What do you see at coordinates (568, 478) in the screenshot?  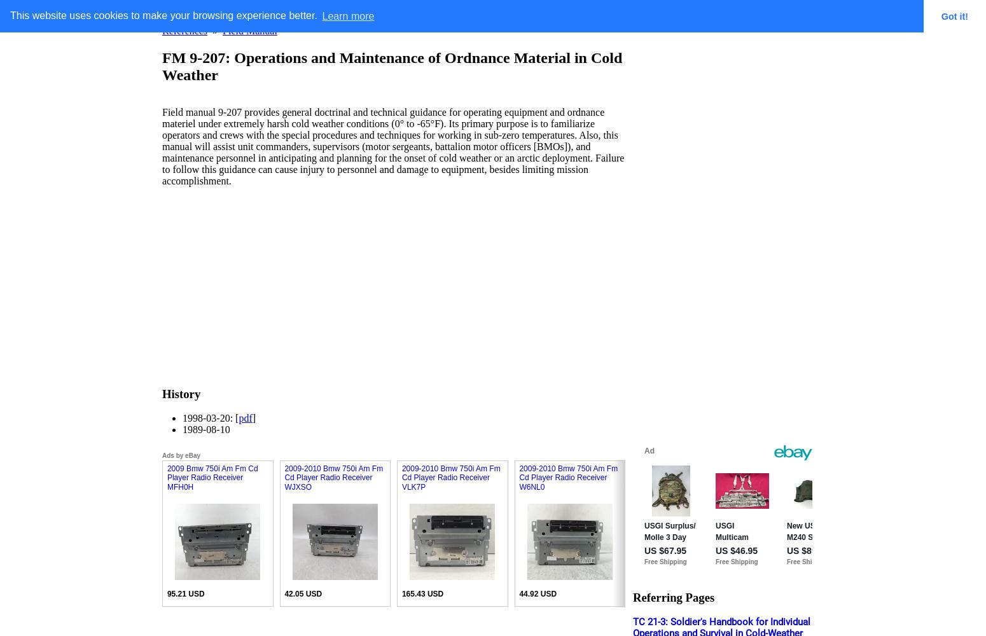 I see `'2009-2010 Bmw 750i Am Fm Cd Player Radio Receiver W6NL0'` at bounding box center [568, 478].